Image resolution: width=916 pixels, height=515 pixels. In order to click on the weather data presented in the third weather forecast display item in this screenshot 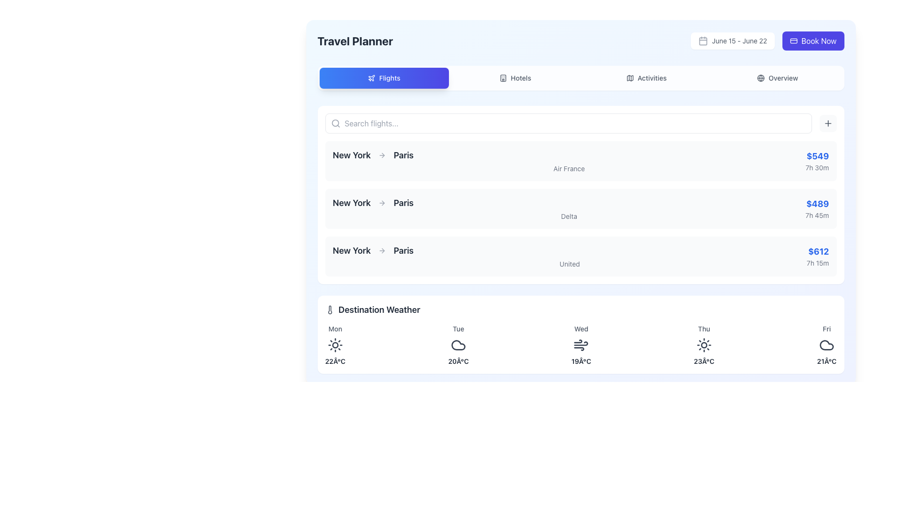, I will do `click(581, 345)`.